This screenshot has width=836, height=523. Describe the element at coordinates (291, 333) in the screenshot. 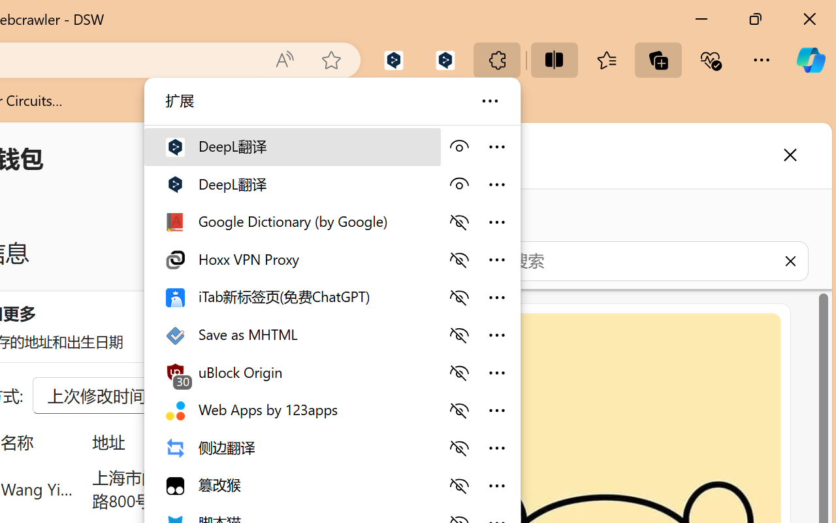

I see `'Save as MHTML'` at that location.